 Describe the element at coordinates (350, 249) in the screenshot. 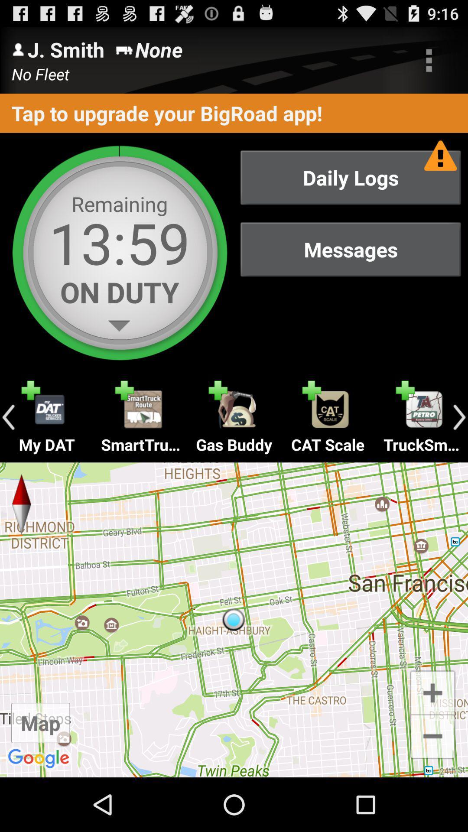

I see `messages button` at that location.